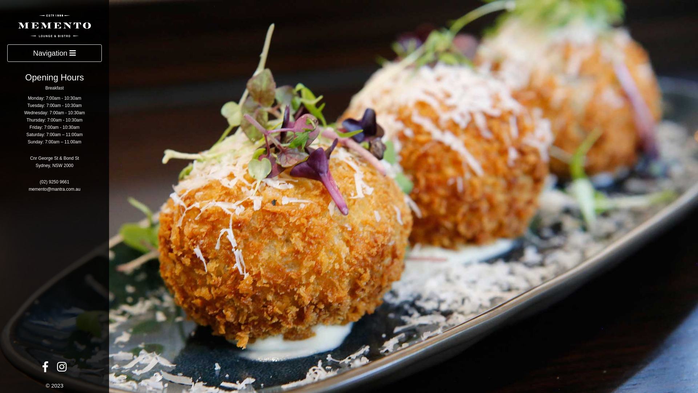 The width and height of the screenshot is (698, 393). I want to click on 'Instagram', so click(53, 369).